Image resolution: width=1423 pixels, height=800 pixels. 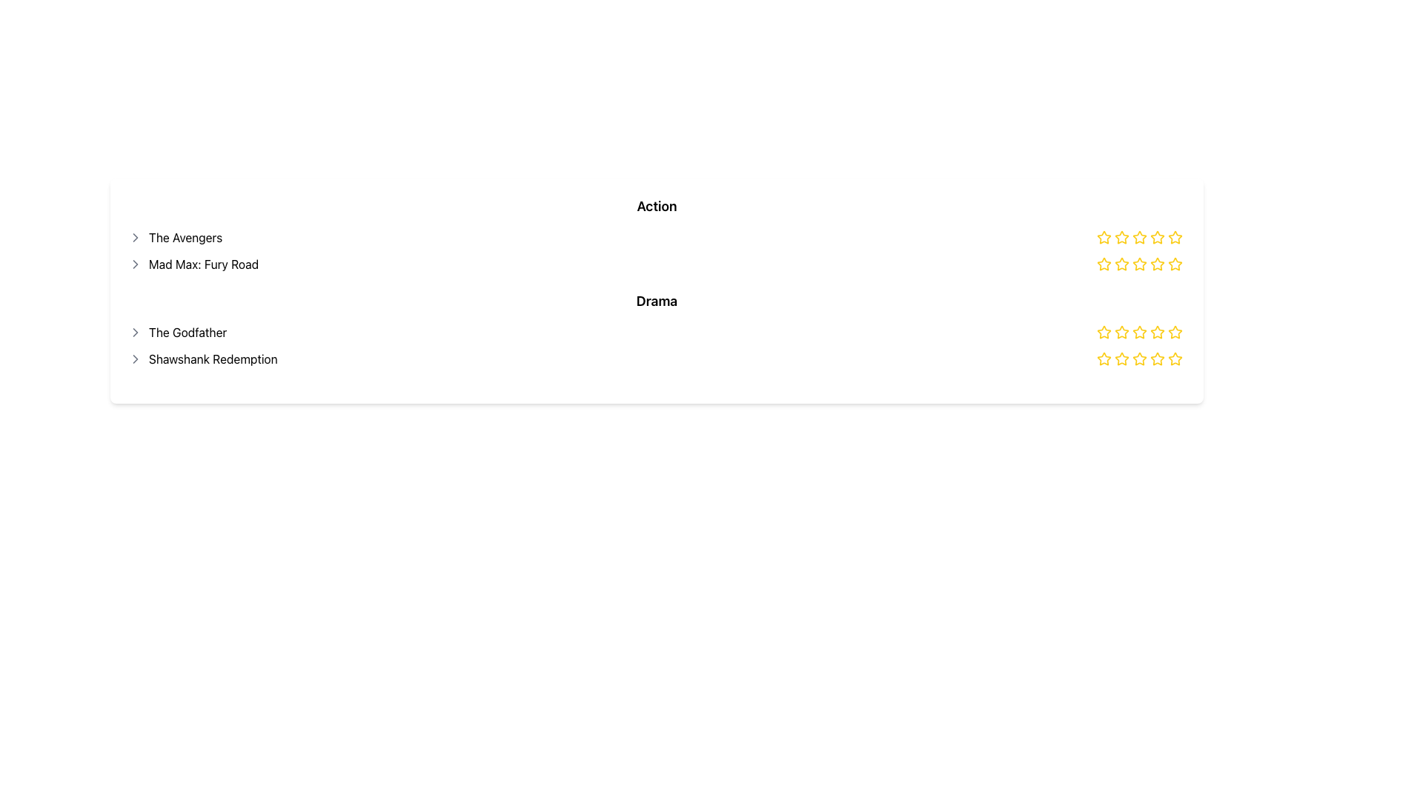 I want to click on the fifth star icon for the movie 'Mad Max: Fury Road' to indicate a five-star rating, so click(x=1174, y=263).